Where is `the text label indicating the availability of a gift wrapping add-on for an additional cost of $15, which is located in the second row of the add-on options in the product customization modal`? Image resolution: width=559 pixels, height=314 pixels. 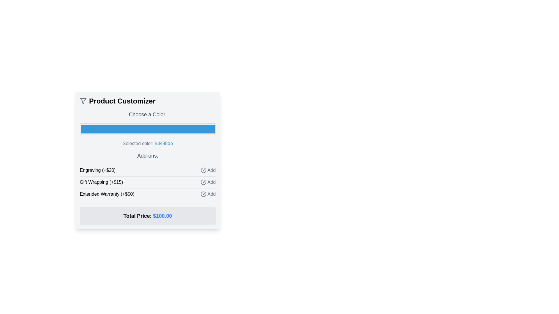 the text label indicating the availability of a gift wrapping add-on for an additional cost of $15, which is located in the second row of the add-on options in the product customization modal is located at coordinates (101, 182).